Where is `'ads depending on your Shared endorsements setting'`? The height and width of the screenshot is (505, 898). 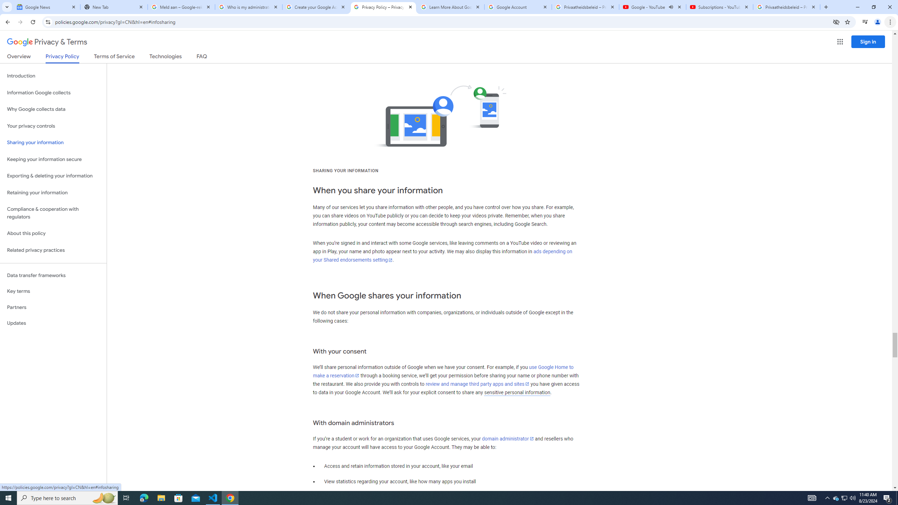 'ads depending on your Shared endorsements setting' is located at coordinates (442, 256).